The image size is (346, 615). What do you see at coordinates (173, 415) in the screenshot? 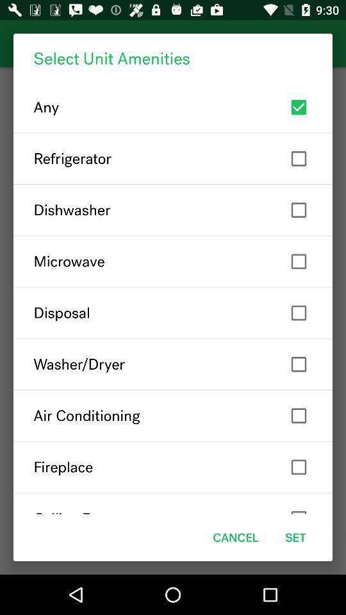
I see `item above the fireplace` at bounding box center [173, 415].